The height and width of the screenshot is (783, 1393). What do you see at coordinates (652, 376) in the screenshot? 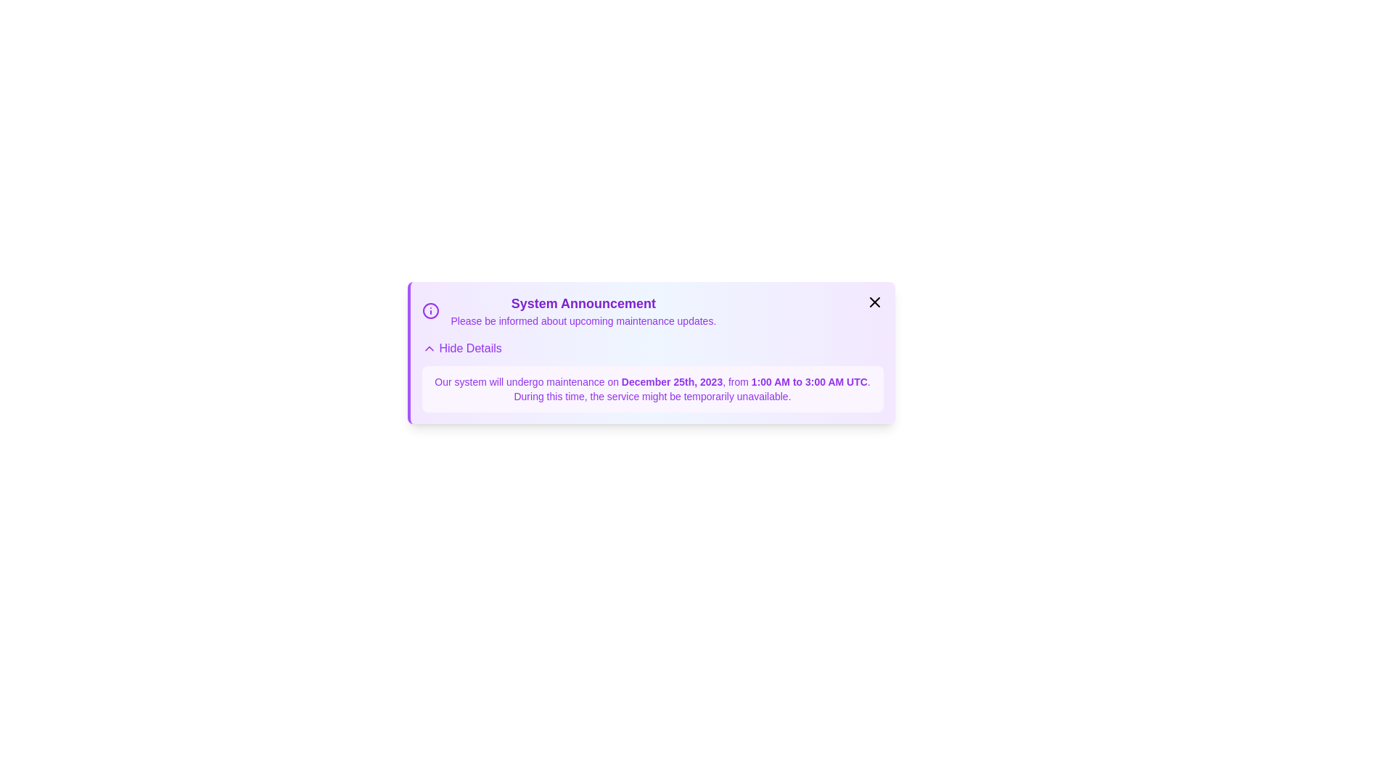
I see `critical information displayed in the text element located in the 'System Announcement' notification card, beneath the 'Hide Details' clickable text` at bounding box center [652, 376].